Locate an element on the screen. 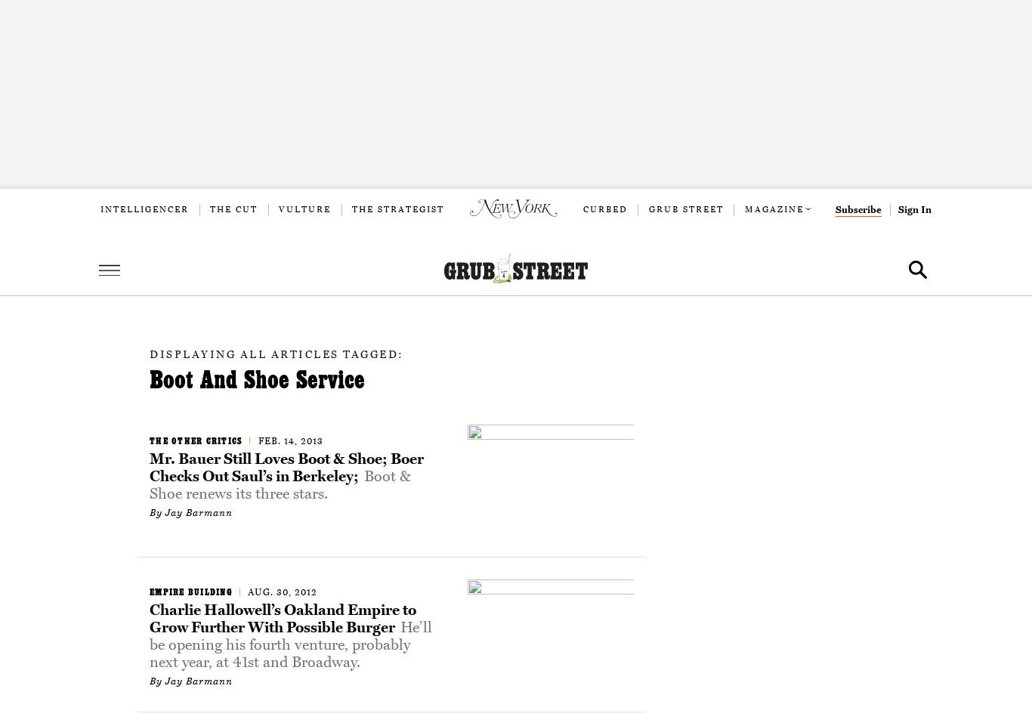 The width and height of the screenshot is (1032, 723). 'Sign In' is located at coordinates (914, 209).